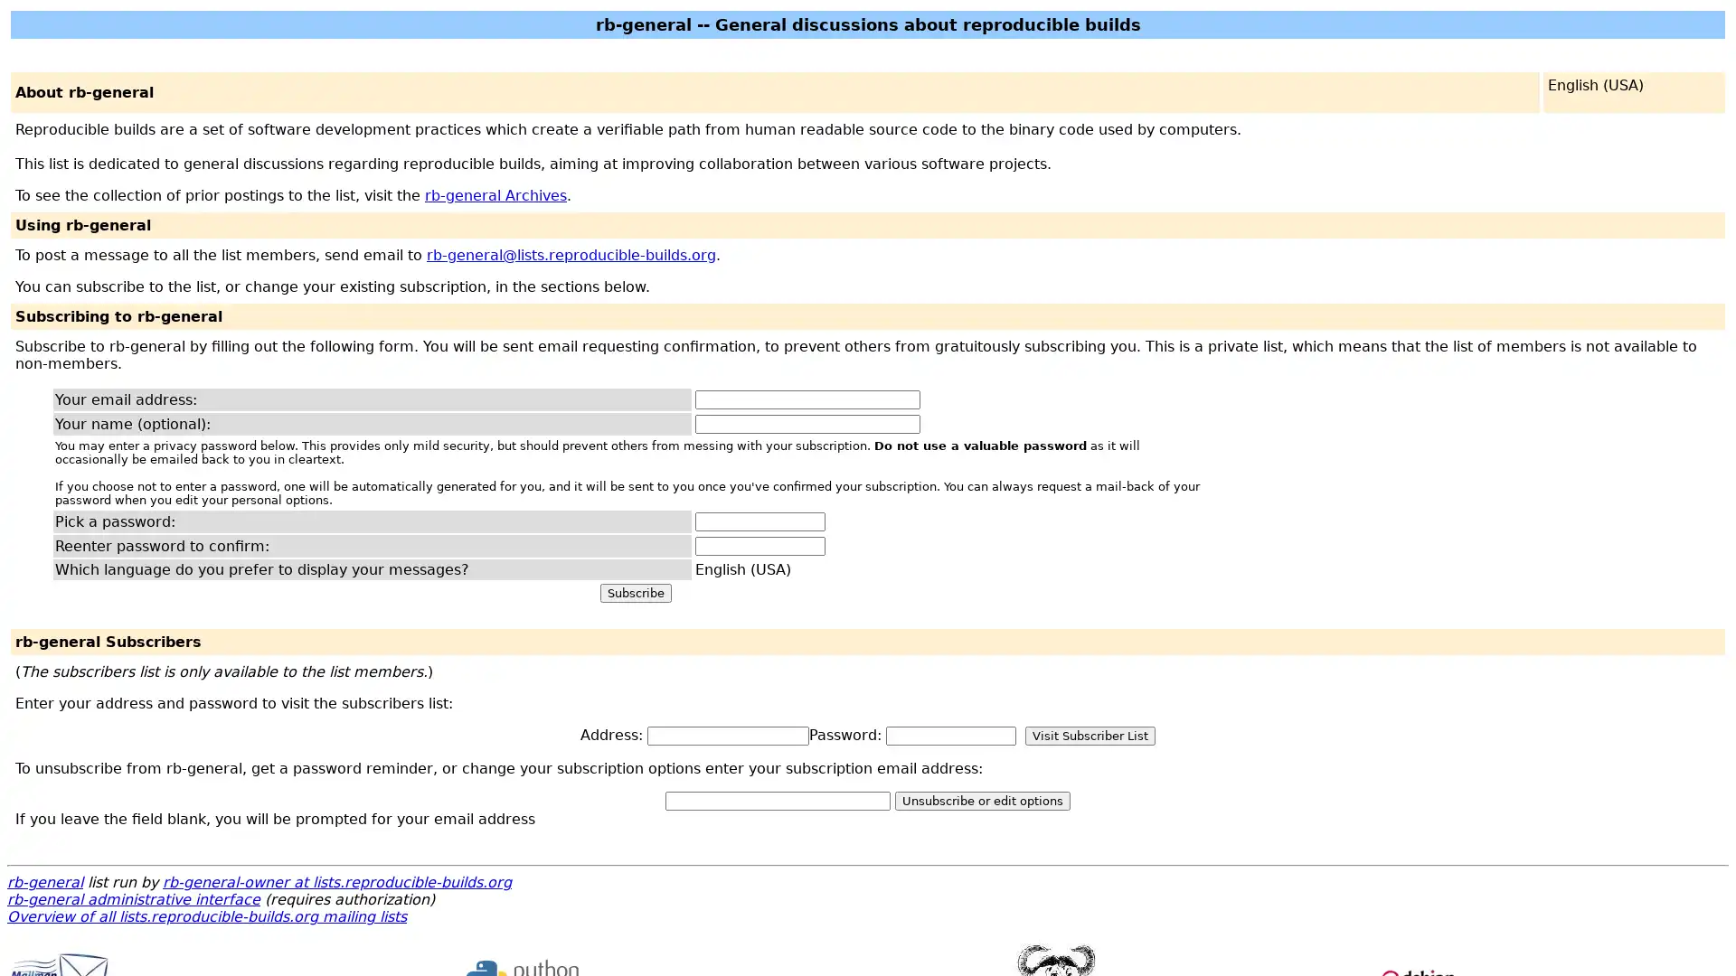 This screenshot has width=1736, height=976. I want to click on Subscribe, so click(635, 593).